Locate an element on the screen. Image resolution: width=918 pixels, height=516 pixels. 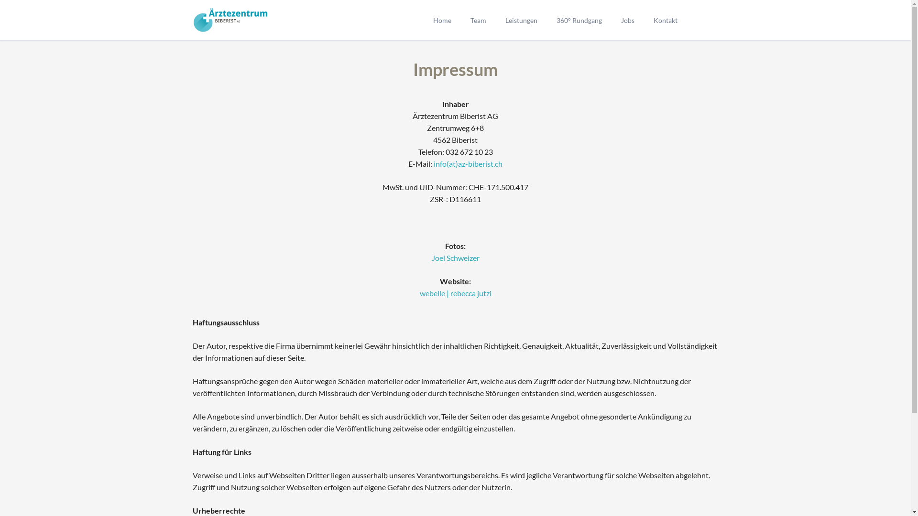
'Kontakt' is located at coordinates (643, 20).